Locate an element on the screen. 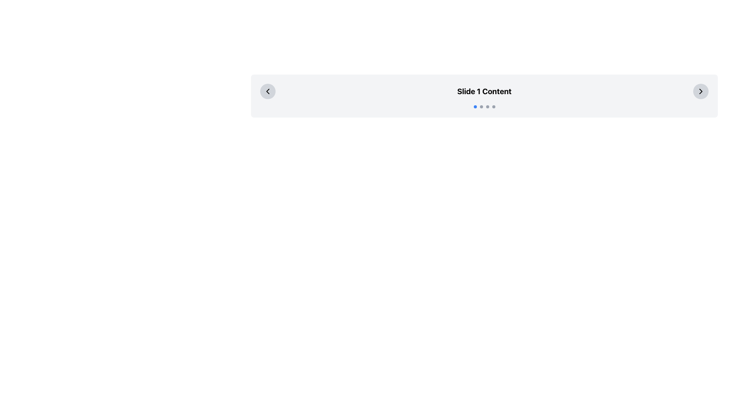 This screenshot has height=415, width=739. the chevron icon on the far-right side of the horizontal navigation panel, which serves as a toggle for progressing to the next item or action is located at coordinates (701, 91).